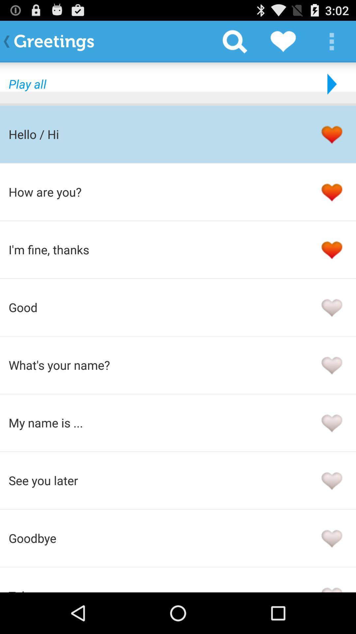  I want to click on the play icon, so click(330, 89).